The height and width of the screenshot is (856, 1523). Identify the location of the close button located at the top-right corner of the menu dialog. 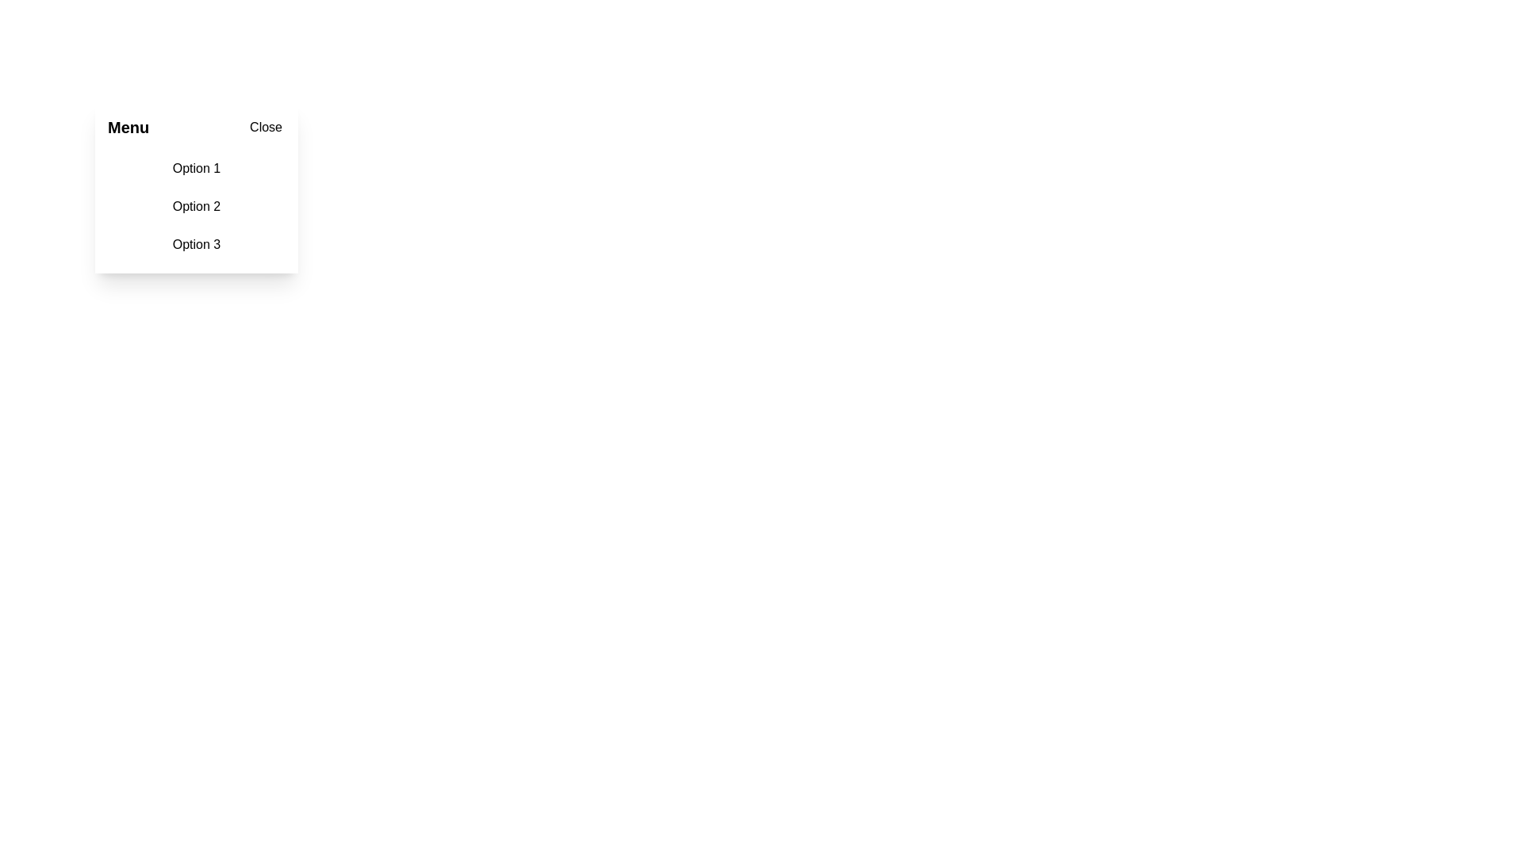
(266, 127).